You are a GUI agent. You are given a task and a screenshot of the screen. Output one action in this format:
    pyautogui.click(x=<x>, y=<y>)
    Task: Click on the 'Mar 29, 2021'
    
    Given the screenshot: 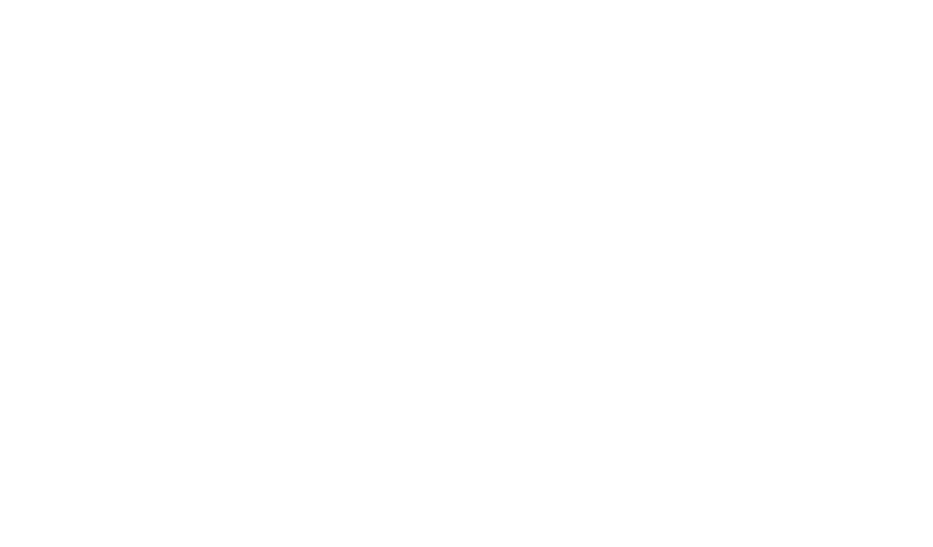 What is the action you would take?
    pyautogui.click(x=185, y=444)
    